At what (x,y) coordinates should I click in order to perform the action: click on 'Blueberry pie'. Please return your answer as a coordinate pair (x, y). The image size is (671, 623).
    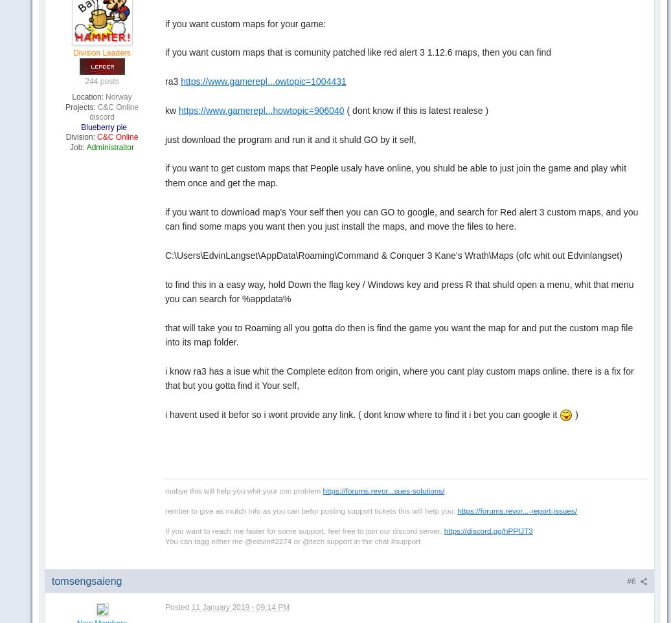
    Looking at the image, I should click on (104, 126).